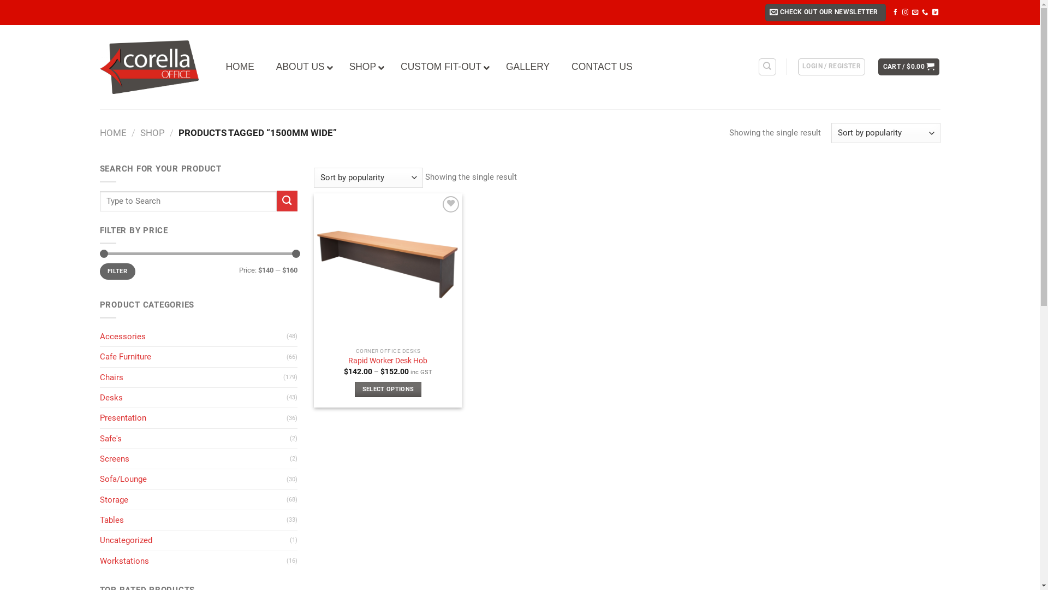 This screenshot has width=1048, height=590. What do you see at coordinates (527, 67) in the screenshot?
I see `'GALLERY'` at bounding box center [527, 67].